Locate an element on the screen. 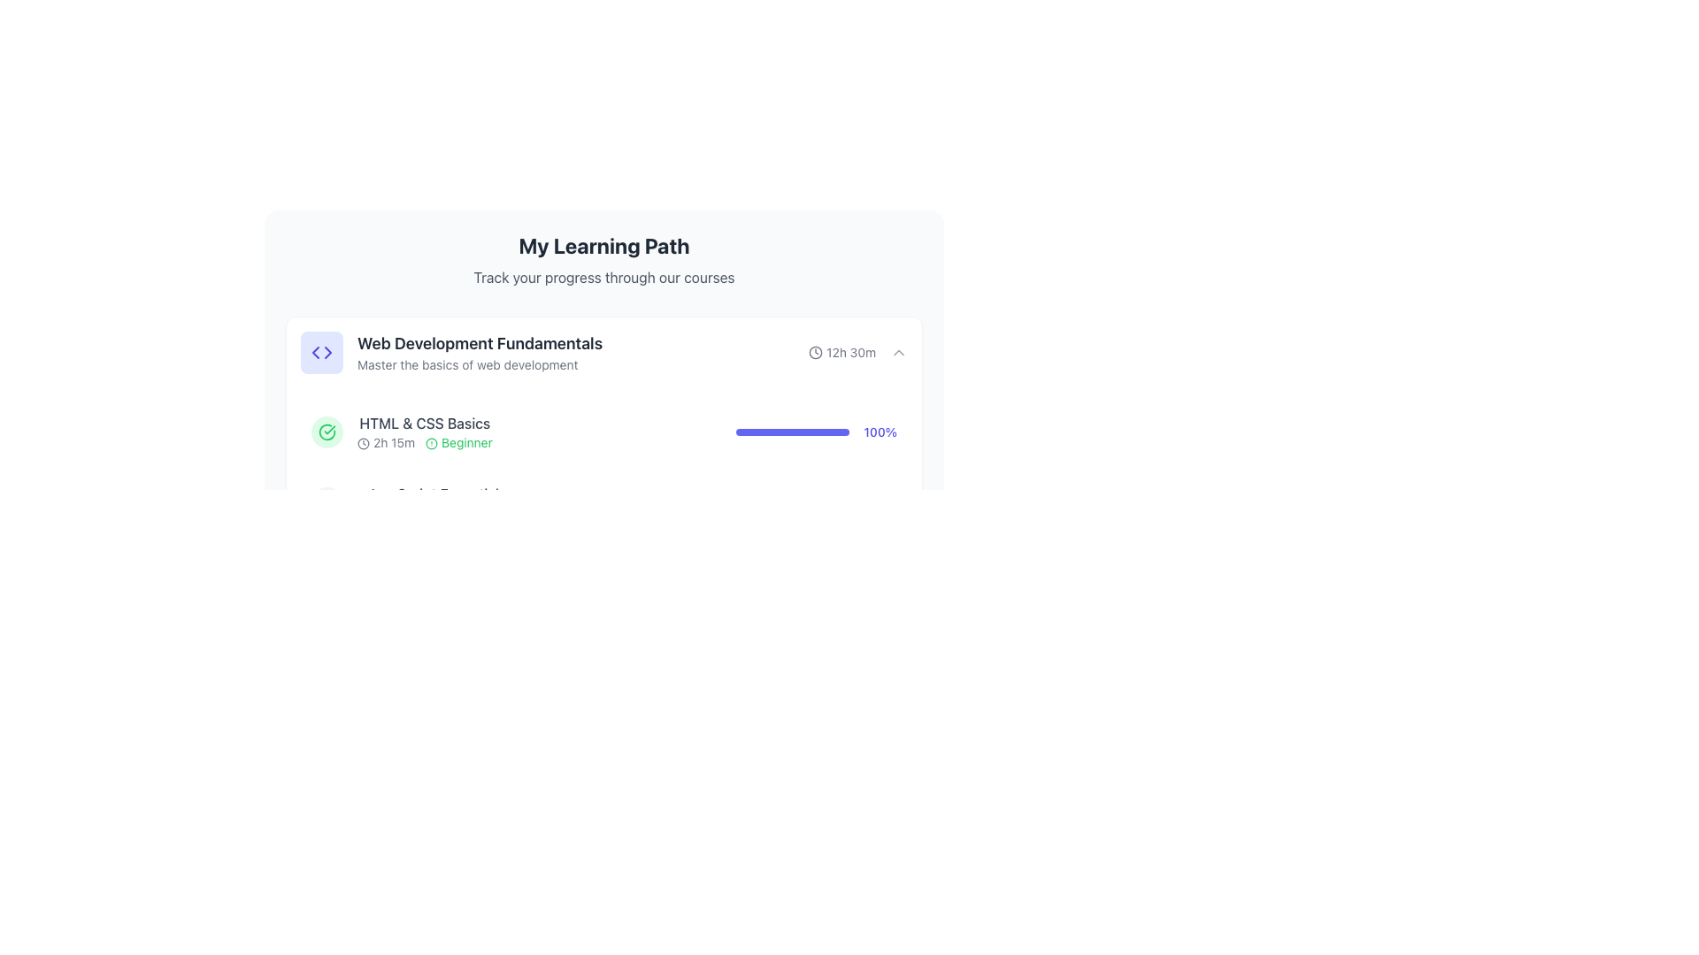 The width and height of the screenshot is (1699, 955). the Informational Label that displays the estimated time to complete (2h 15m) and the difficulty level (Beginner) for the course titled 'HTML & CSS Basics' is located at coordinates (425, 442).